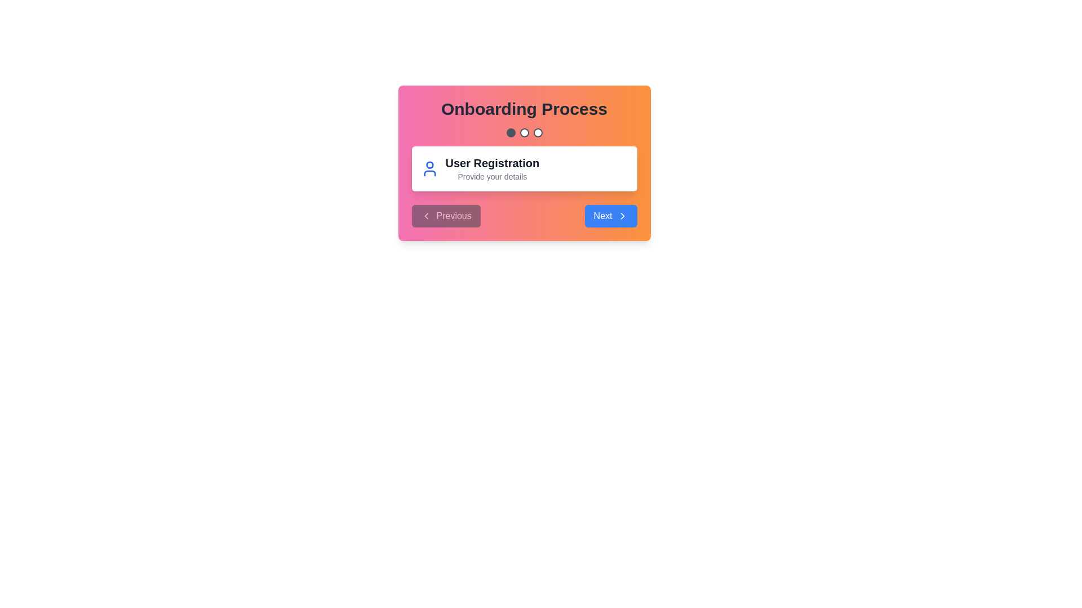 The image size is (1082, 608). I want to click on the right-pointing arrow icon with a blue background located within the 'Next' button to proceed, so click(622, 216).